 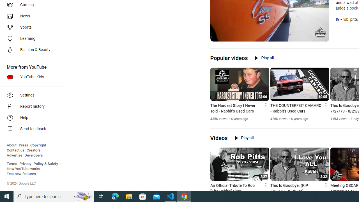 I want to click on 'Action menu', so click(x=325, y=185).